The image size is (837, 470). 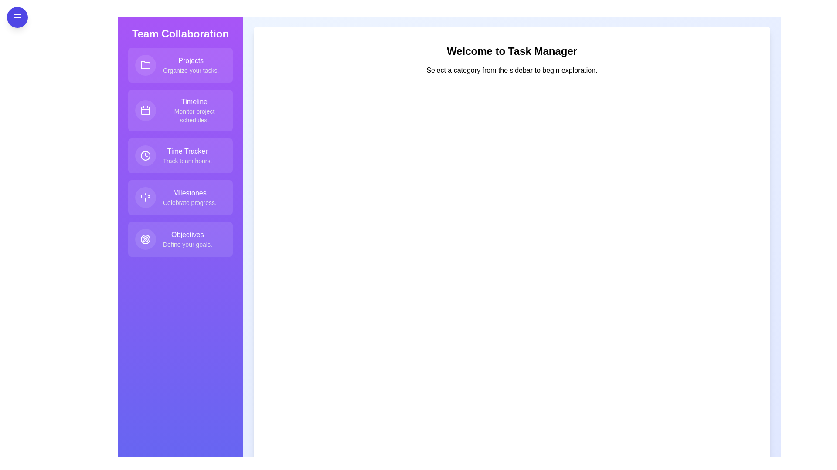 What do you see at coordinates (180, 198) in the screenshot?
I see `the feature item labeled 'Milestones' to view its hover effect` at bounding box center [180, 198].